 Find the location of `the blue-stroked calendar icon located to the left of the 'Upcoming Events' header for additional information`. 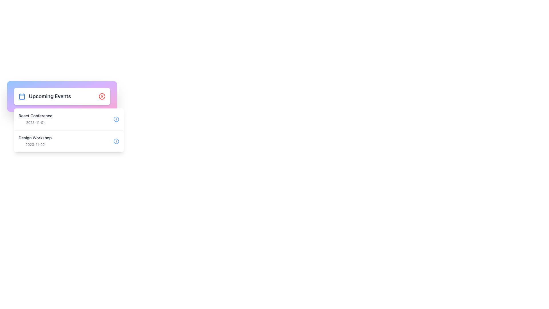

the blue-stroked calendar icon located to the left of the 'Upcoming Events' header for additional information is located at coordinates (22, 96).